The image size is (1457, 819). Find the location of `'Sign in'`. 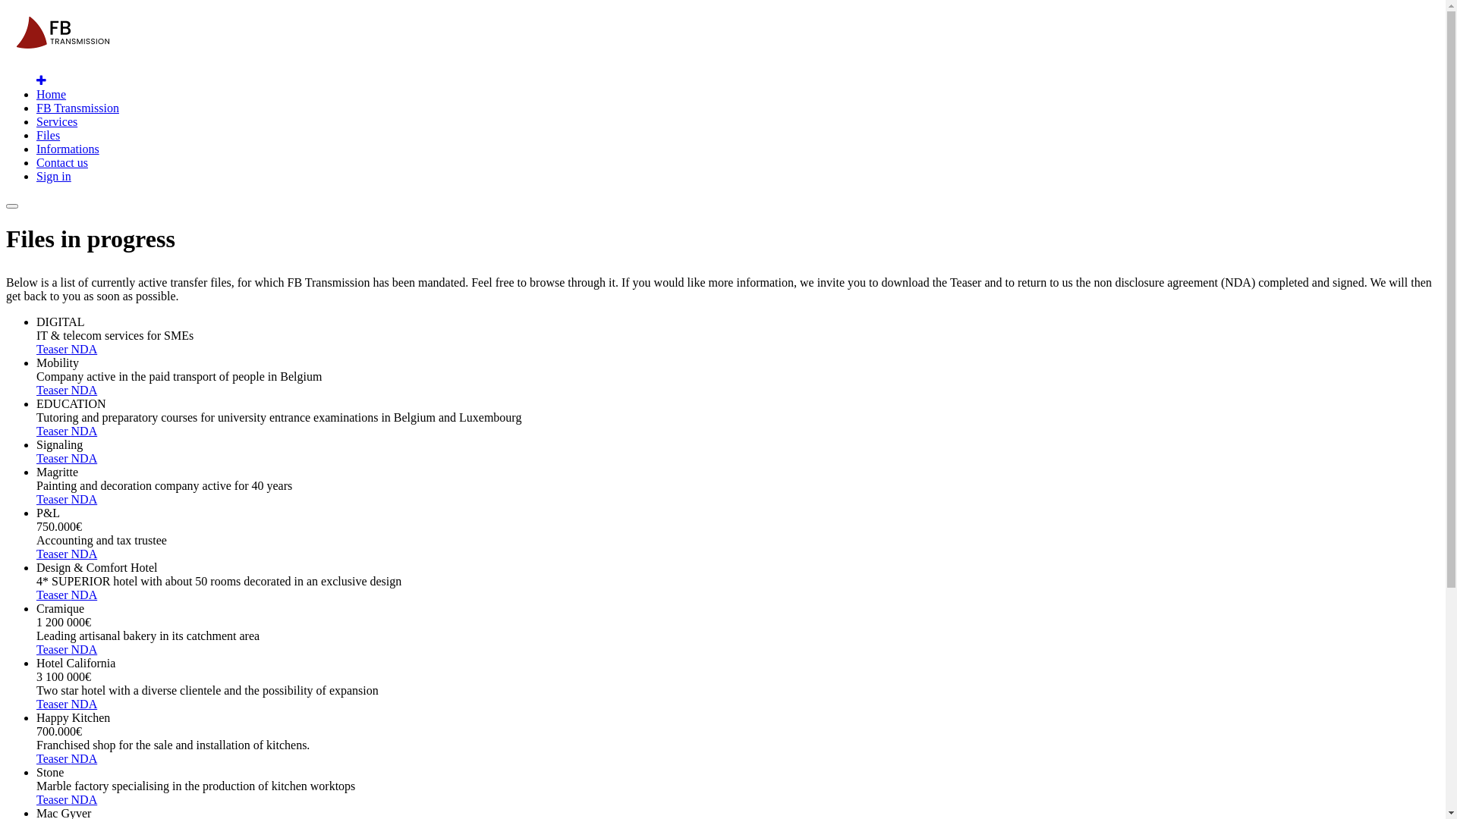

'Sign in' is located at coordinates (54, 175).